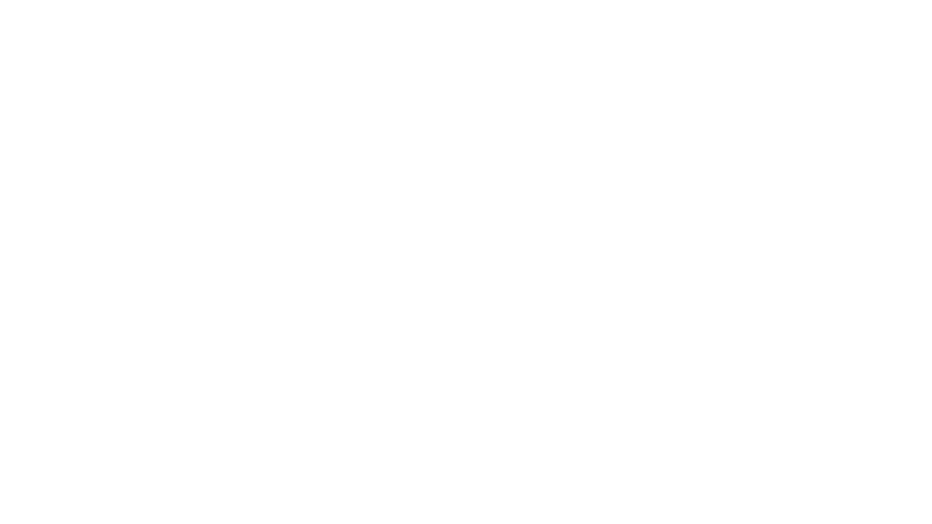  I want to click on Accepter, so click(612, 196).